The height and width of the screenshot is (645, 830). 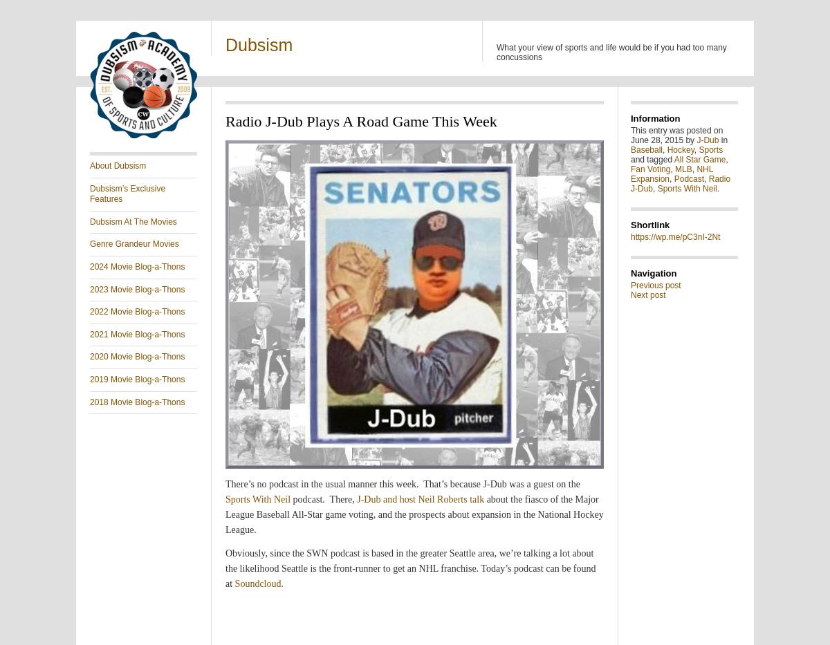 What do you see at coordinates (655, 118) in the screenshot?
I see `'Information'` at bounding box center [655, 118].